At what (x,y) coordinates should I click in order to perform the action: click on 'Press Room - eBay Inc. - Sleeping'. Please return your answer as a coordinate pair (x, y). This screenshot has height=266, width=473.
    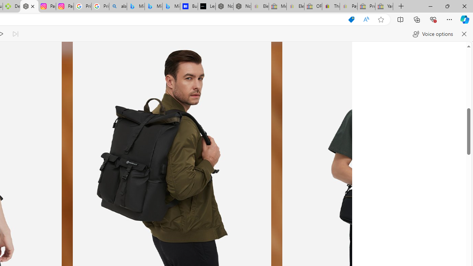
    Looking at the image, I should click on (366, 6).